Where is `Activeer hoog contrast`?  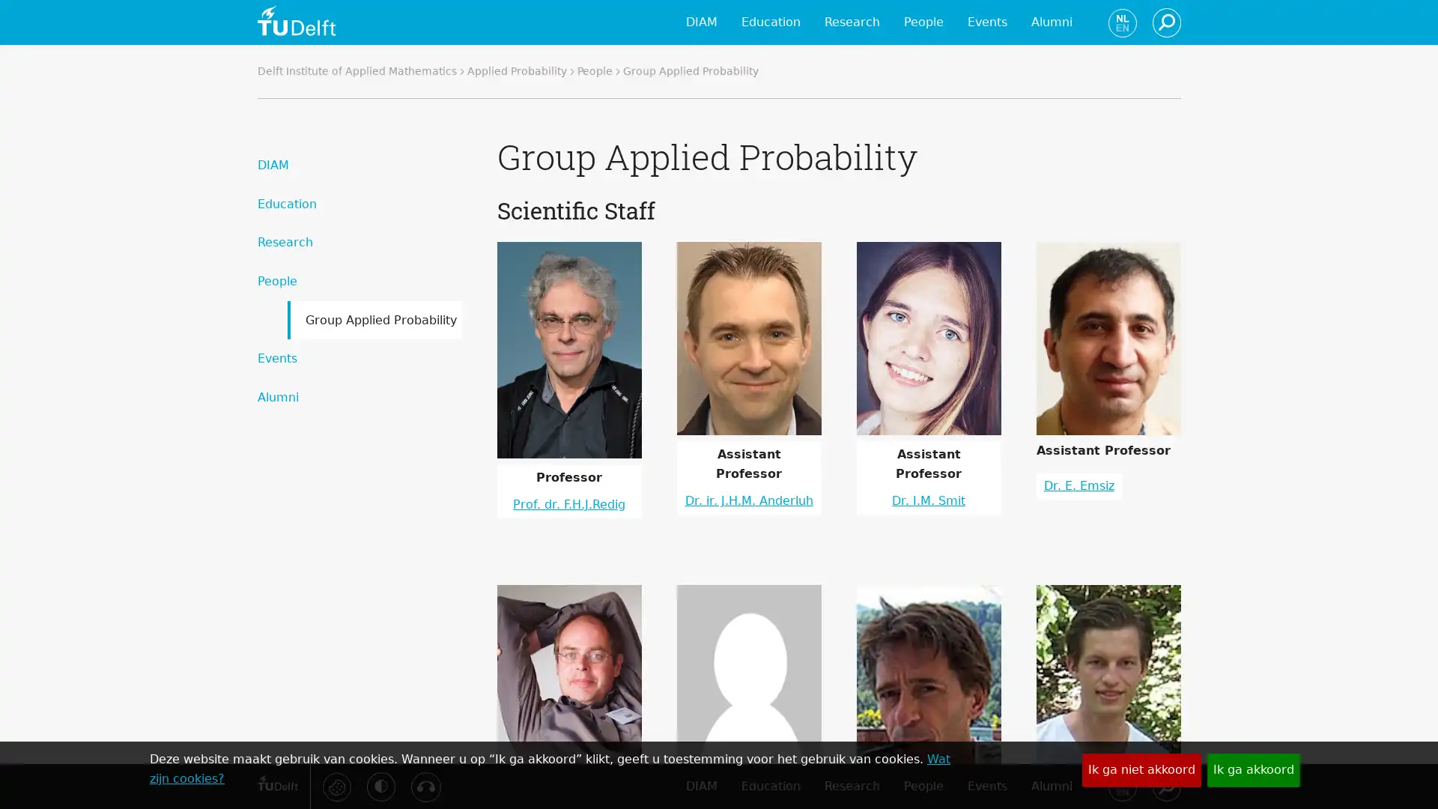 Activeer hoog contrast is located at coordinates (380, 785).